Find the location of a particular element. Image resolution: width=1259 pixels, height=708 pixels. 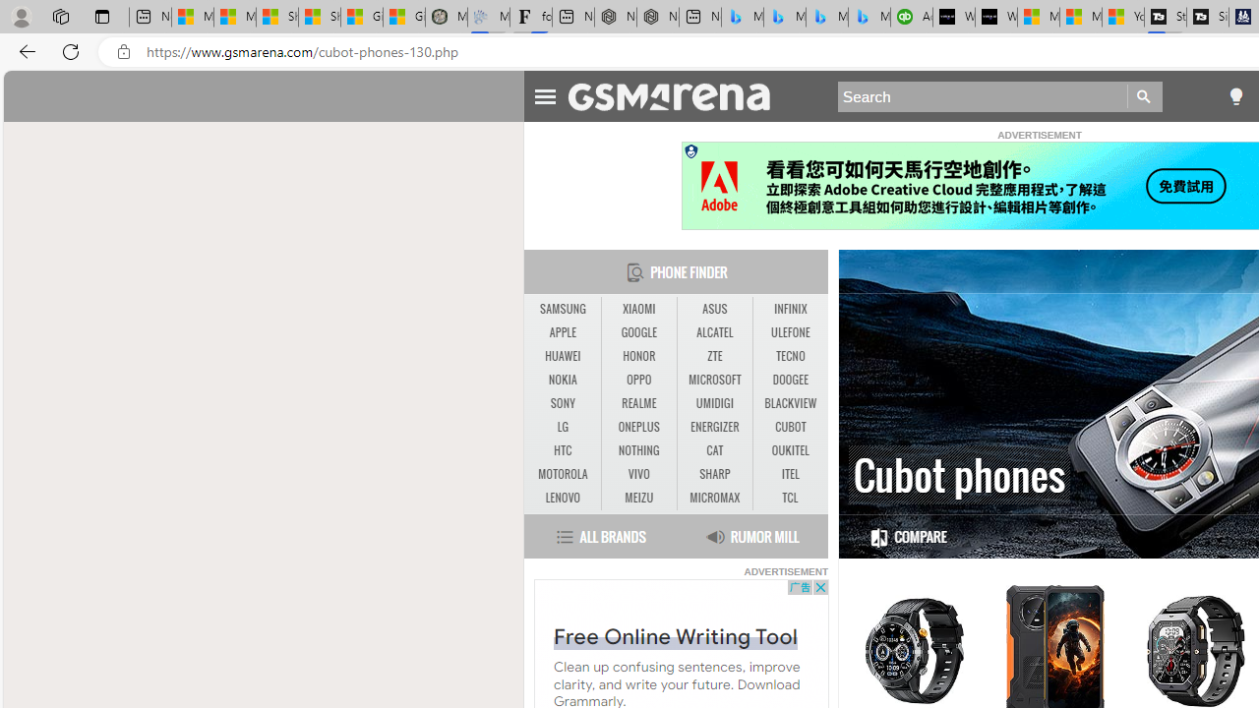

'ZTE' is located at coordinates (714, 356).